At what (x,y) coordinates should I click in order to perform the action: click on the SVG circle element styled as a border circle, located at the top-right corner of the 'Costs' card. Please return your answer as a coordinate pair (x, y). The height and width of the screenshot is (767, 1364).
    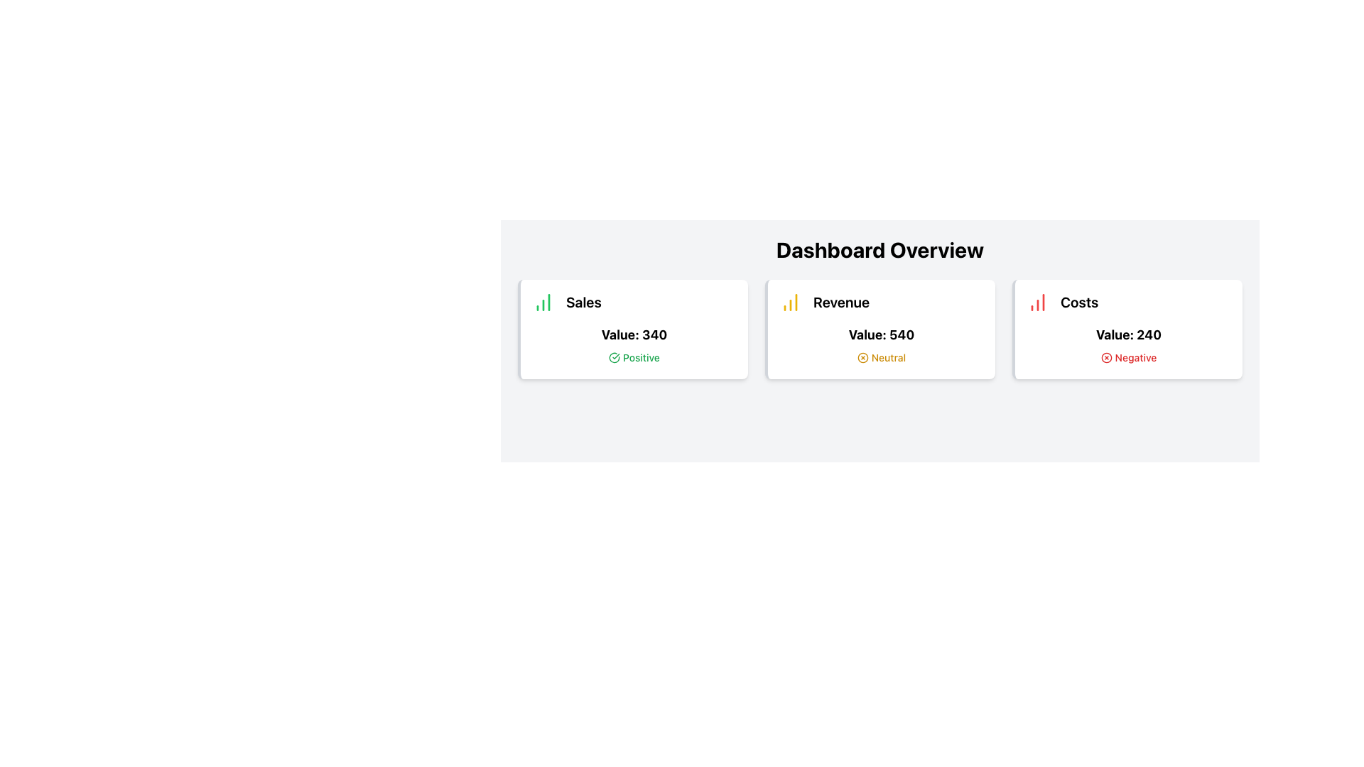
    Looking at the image, I should click on (1105, 357).